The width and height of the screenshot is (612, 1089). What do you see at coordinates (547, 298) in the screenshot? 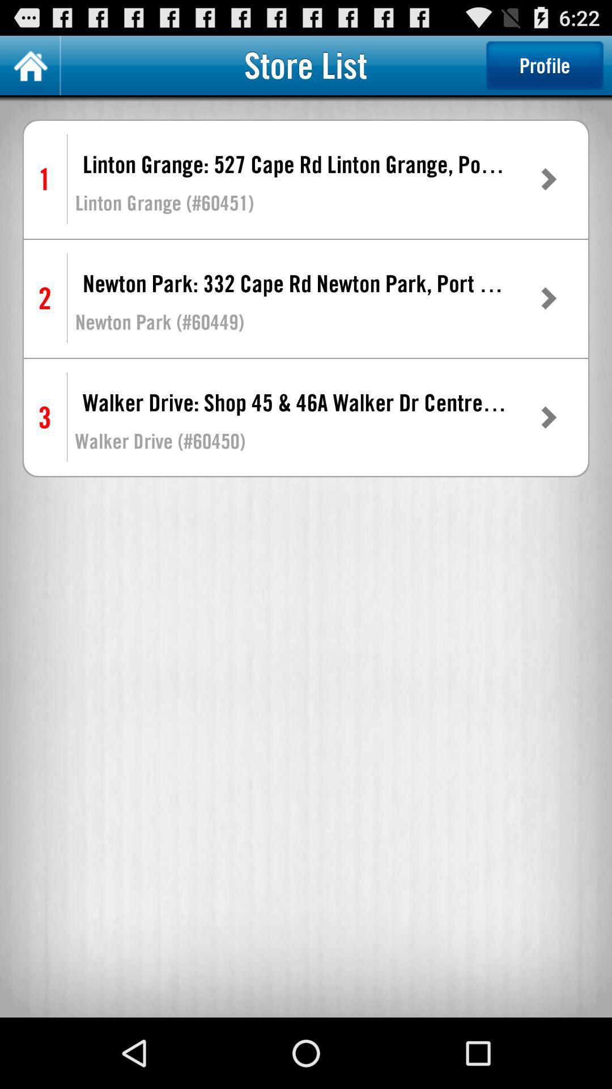
I see `the app to the right of the newton park 332 item` at bounding box center [547, 298].